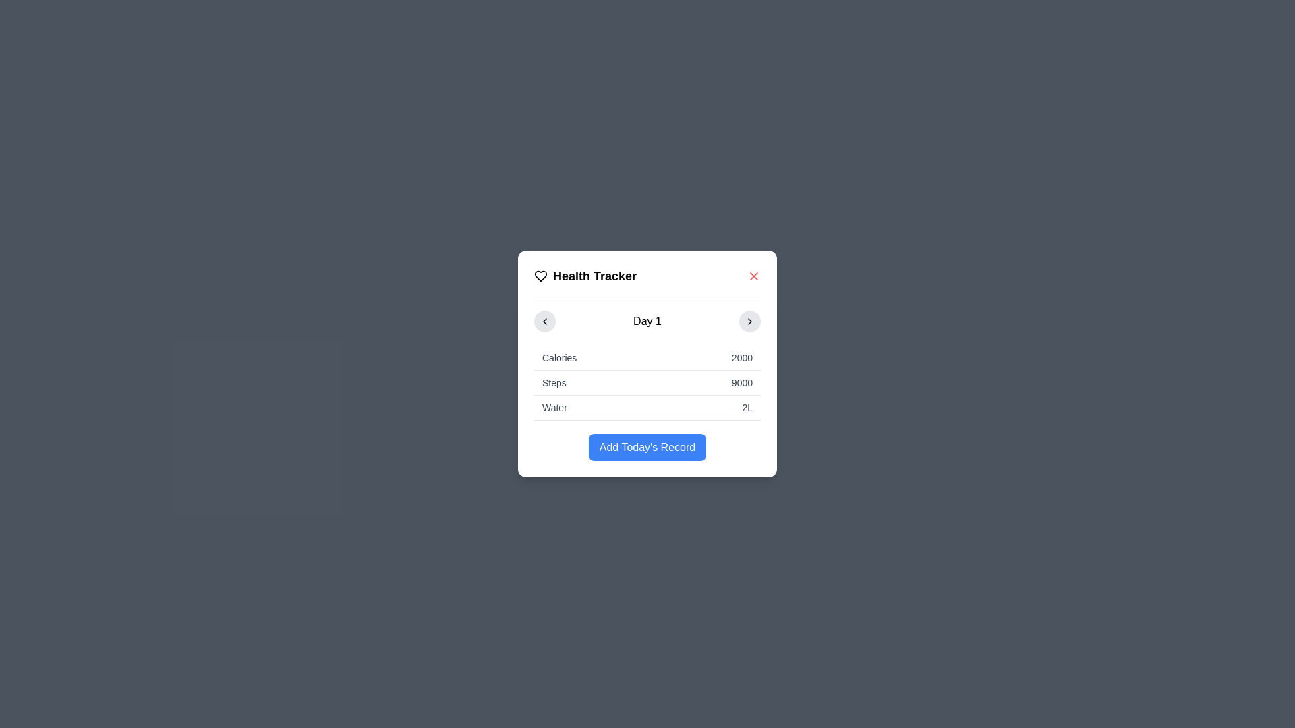 This screenshot has height=728, width=1295. Describe the element at coordinates (647, 447) in the screenshot. I see `the 'Add Record' button located at the bottom center of the 'Health Tracker' modal` at that location.